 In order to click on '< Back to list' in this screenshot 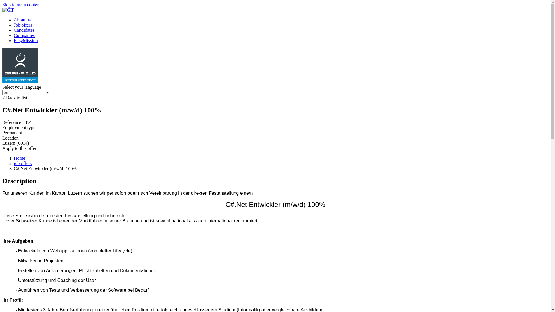, I will do `click(15, 97)`.